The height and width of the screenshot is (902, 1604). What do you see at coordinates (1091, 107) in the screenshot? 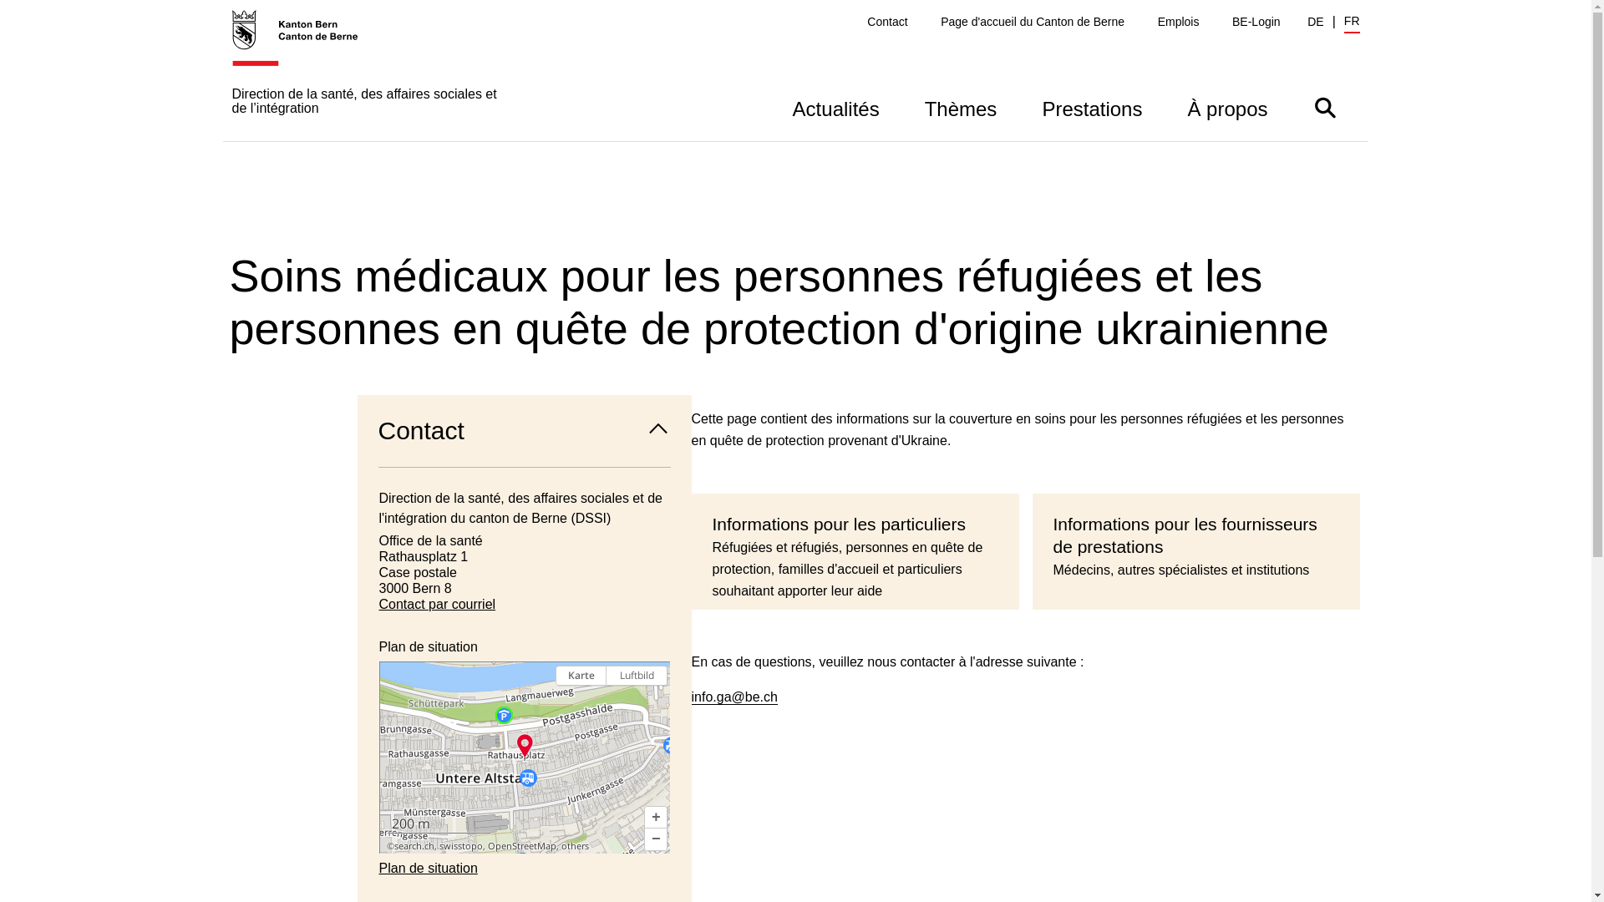
I see `'Prestations'` at bounding box center [1091, 107].